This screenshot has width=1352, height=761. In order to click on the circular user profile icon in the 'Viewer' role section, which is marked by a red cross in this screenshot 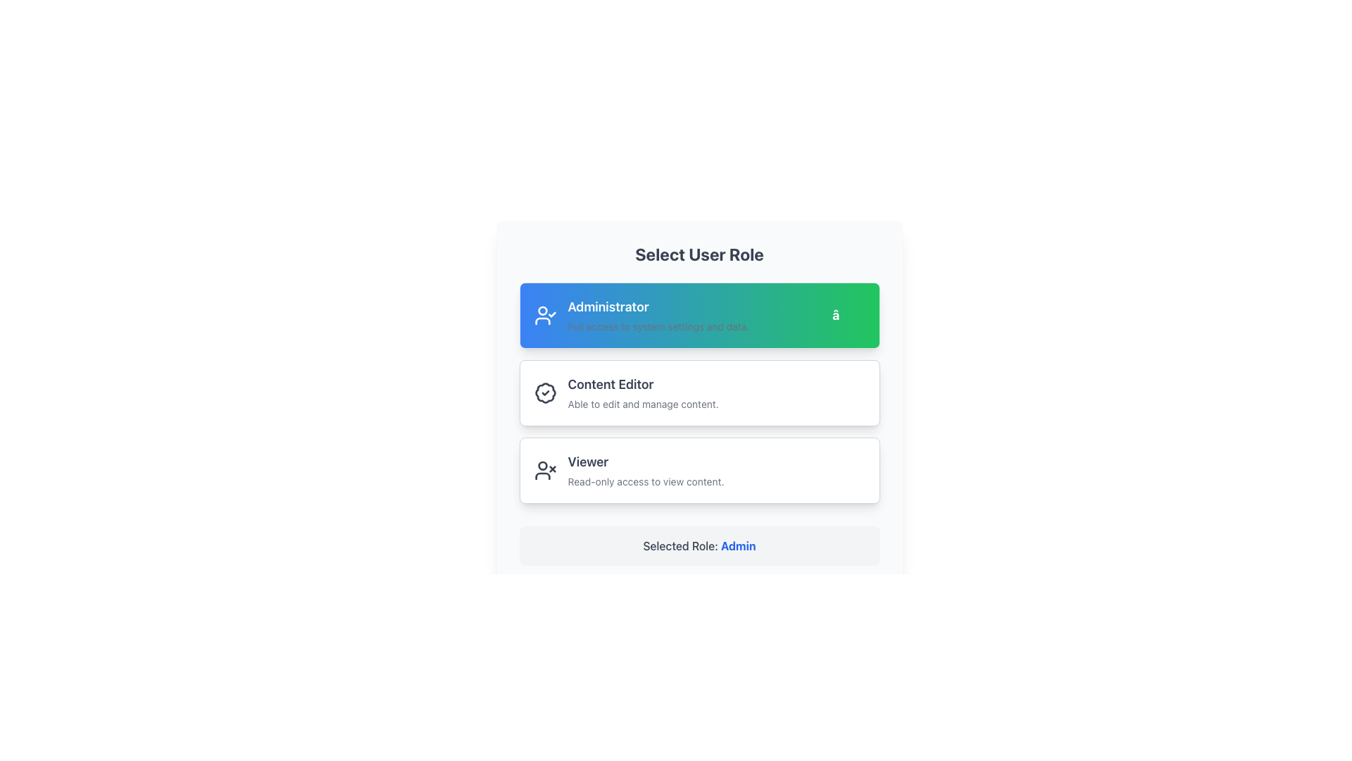, I will do `click(542, 466)`.